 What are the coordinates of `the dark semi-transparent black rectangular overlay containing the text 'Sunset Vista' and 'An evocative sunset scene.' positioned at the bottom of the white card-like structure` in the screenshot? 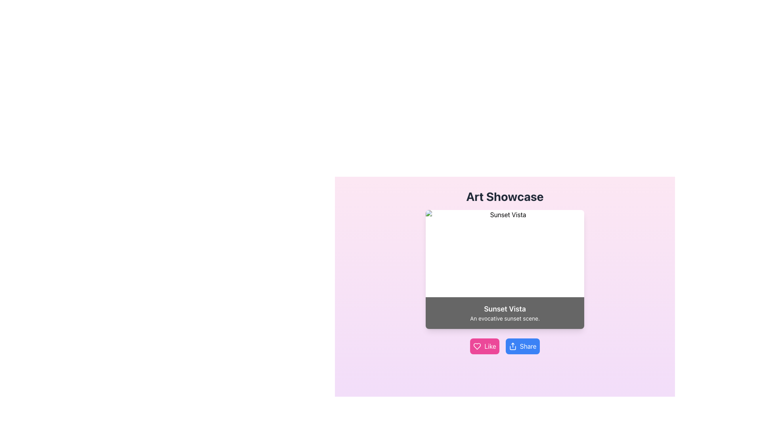 It's located at (504, 313).